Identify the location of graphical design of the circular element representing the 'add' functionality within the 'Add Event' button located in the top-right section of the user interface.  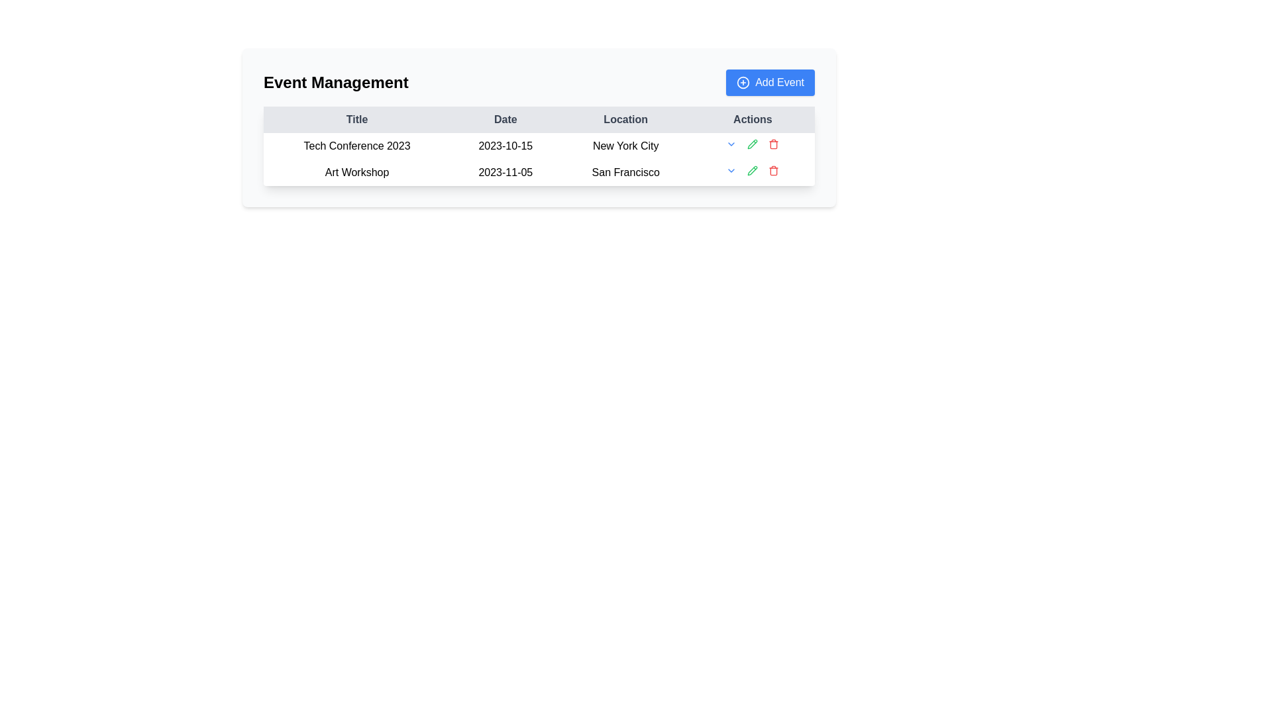
(743, 82).